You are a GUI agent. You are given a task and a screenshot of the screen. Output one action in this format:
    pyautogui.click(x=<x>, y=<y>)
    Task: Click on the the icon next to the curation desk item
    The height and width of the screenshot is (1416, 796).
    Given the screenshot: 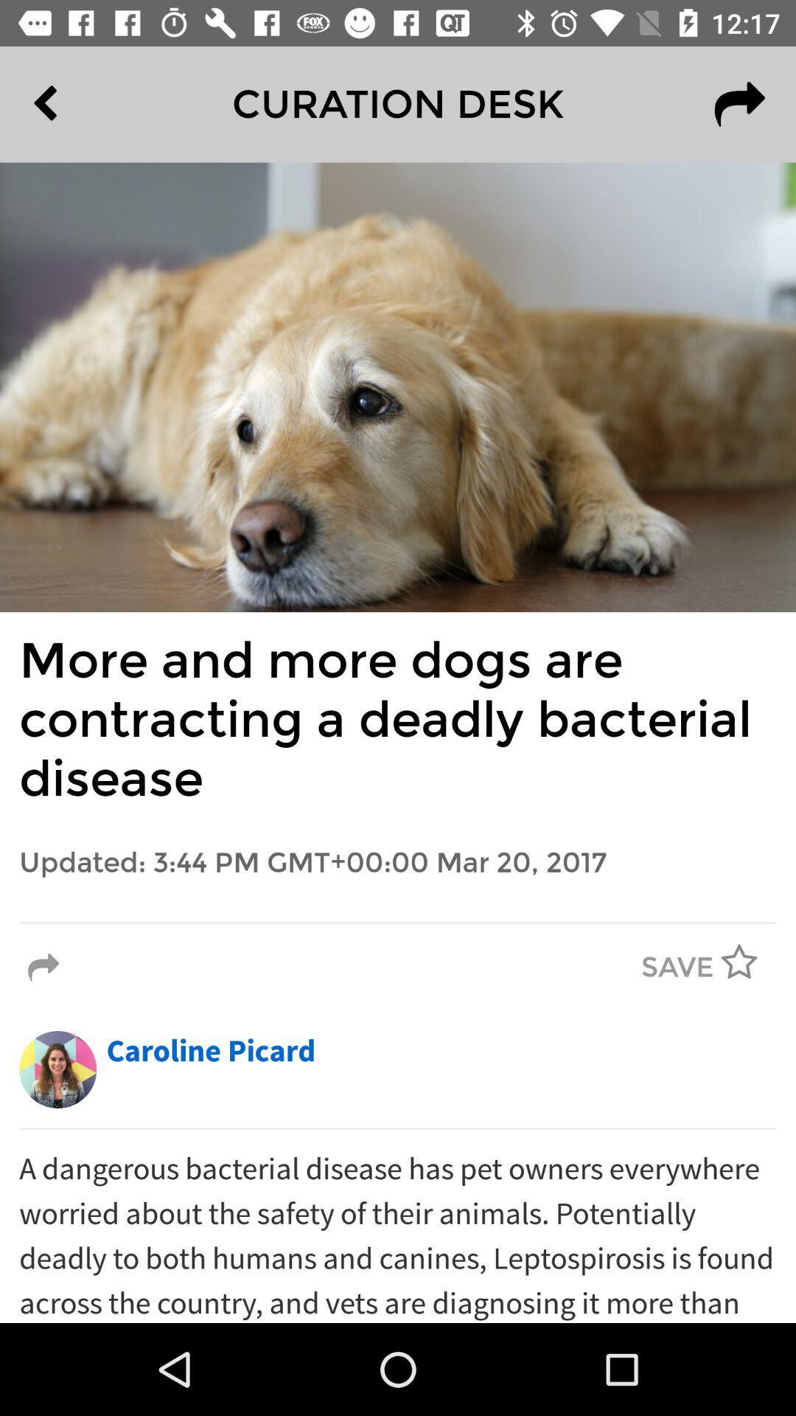 What is the action you would take?
    pyautogui.click(x=739, y=103)
    